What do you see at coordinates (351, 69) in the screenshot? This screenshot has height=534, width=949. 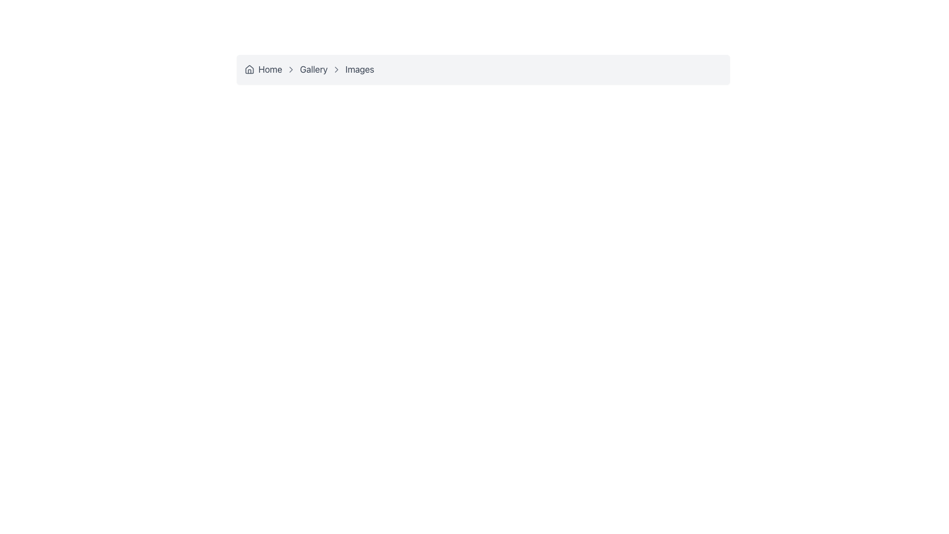 I see `the 'Images' breadcrumb navigation link located in the breadcrumb navigation bar, positioned to the right of 'Gallery'` at bounding box center [351, 69].